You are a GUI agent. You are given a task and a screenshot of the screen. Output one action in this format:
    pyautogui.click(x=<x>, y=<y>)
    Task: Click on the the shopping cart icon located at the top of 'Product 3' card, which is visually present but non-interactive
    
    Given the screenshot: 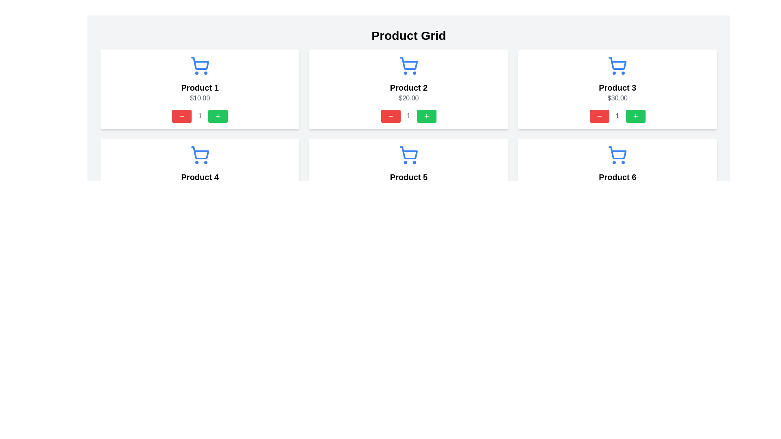 What is the action you would take?
    pyautogui.click(x=617, y=65)
    